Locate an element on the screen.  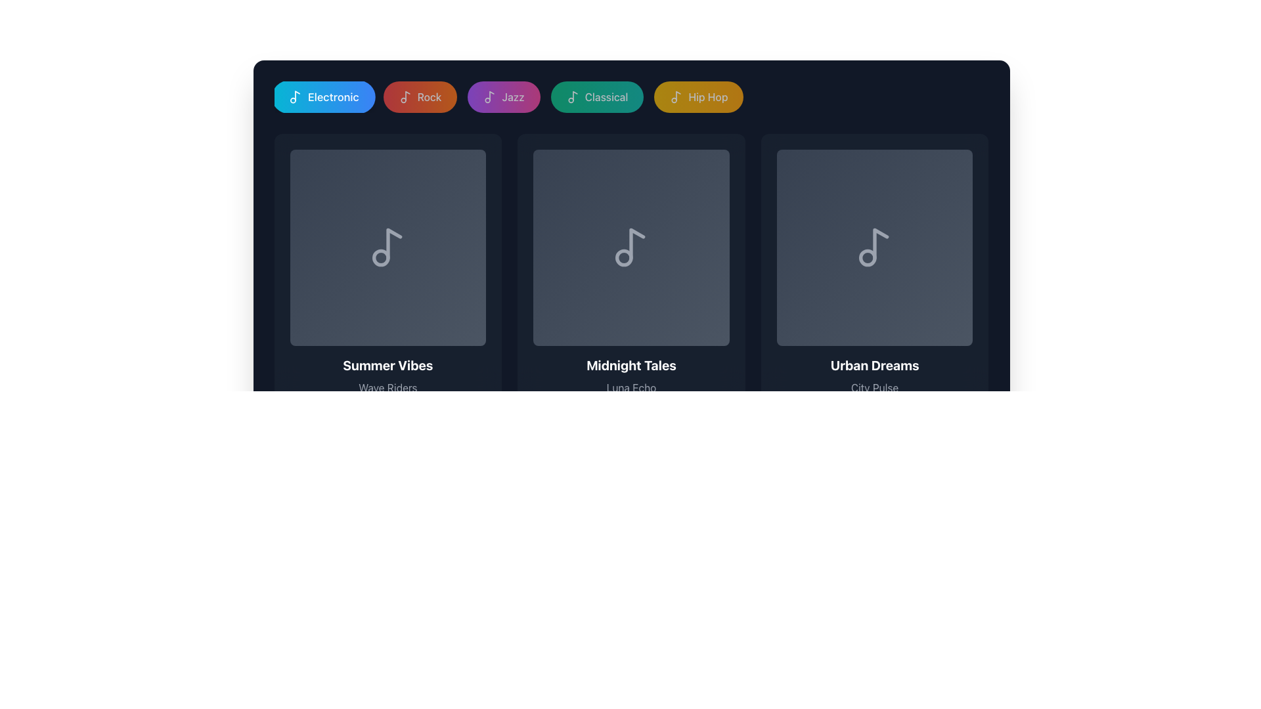
the Circle SVG element located at the bottom-left of the music note icon in the card layout is located at coordinates (380, 258).